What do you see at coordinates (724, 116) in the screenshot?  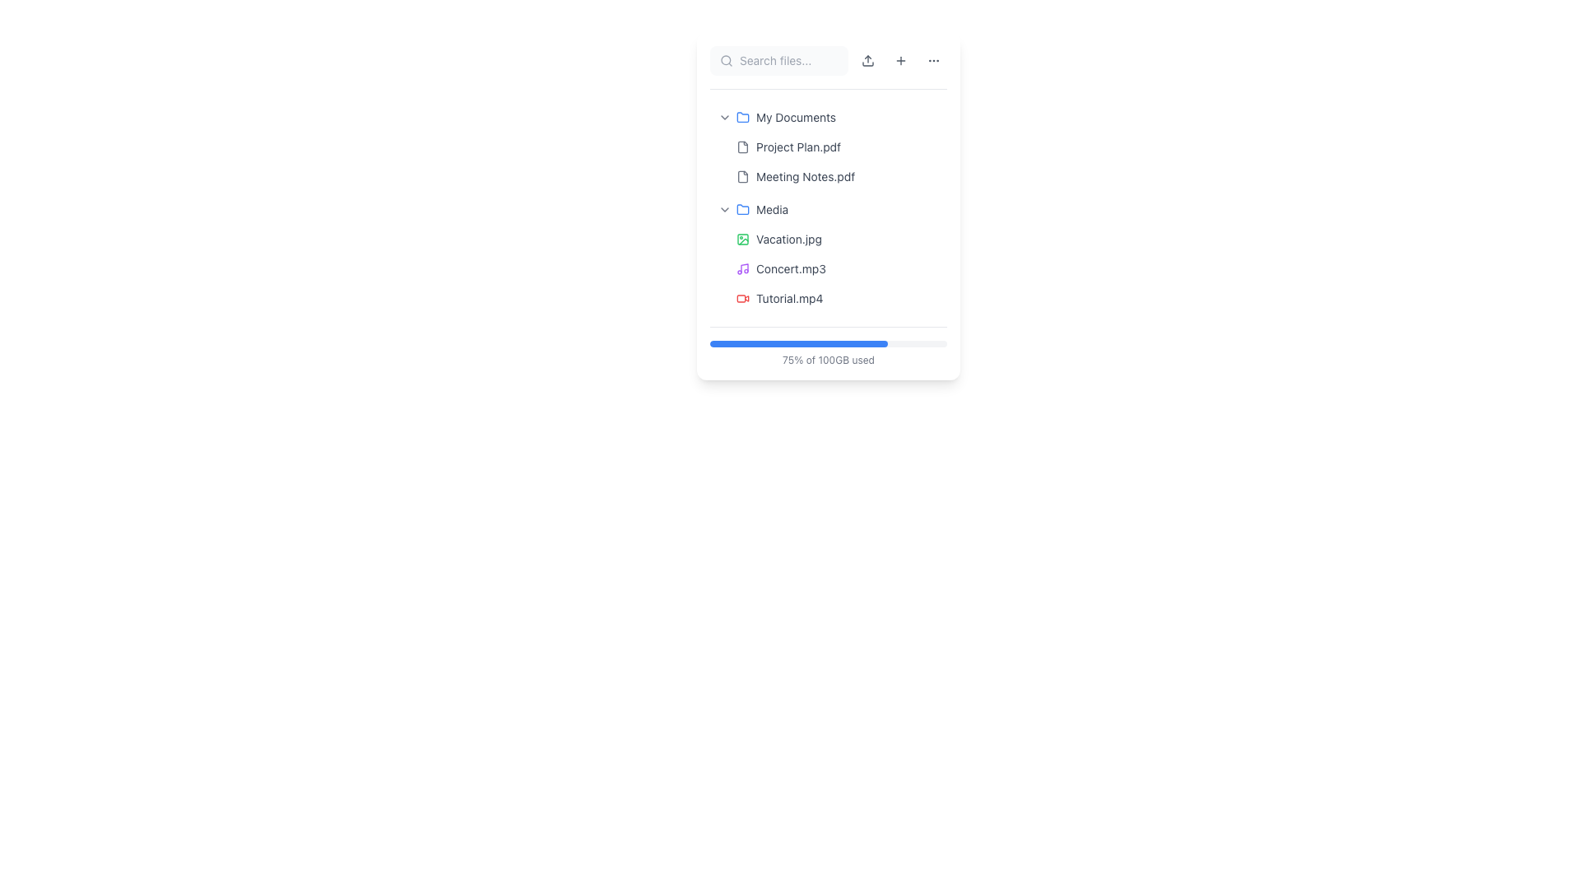 I see `the downward-pointing chevron icon located next to the 'My Documents' folder label` at bounding box center [724, 116].